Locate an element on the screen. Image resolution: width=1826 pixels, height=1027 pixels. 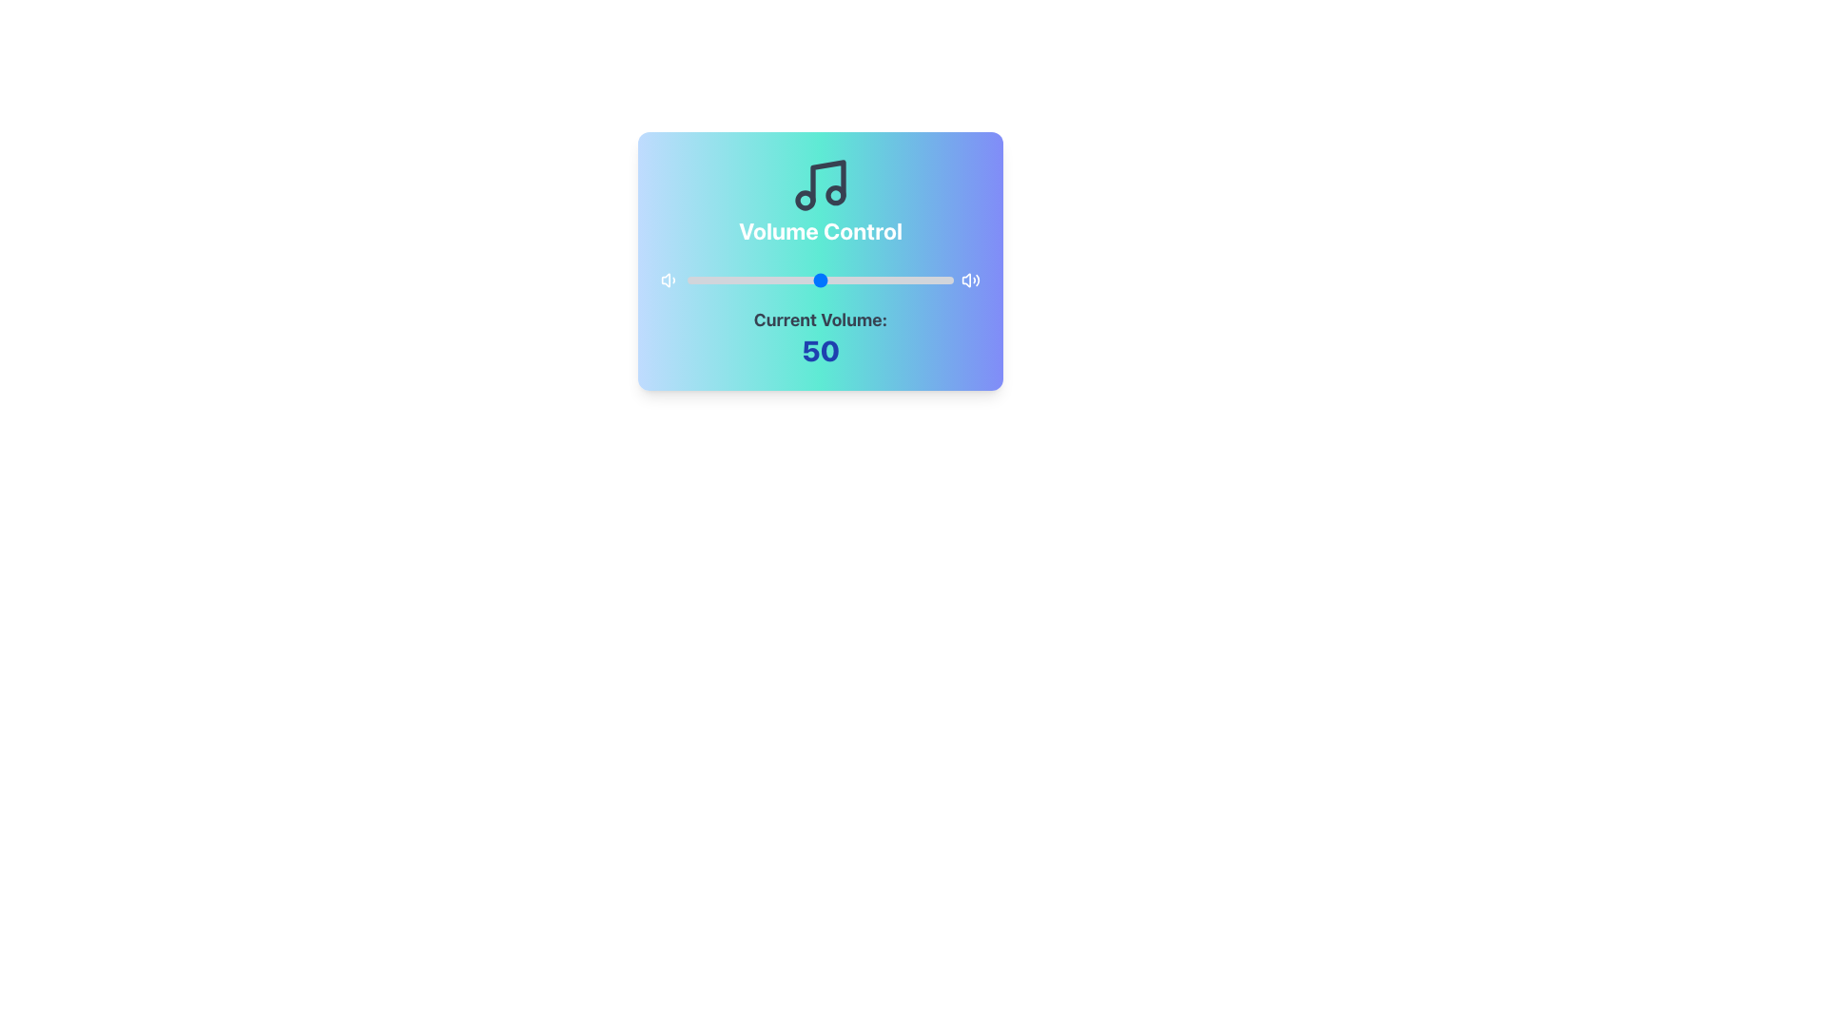
the small circle within the SVG graphic representing a musical note, located at the top-right of the note design, as part of the 'Volume Control' card is located at coordinates (835, 194).